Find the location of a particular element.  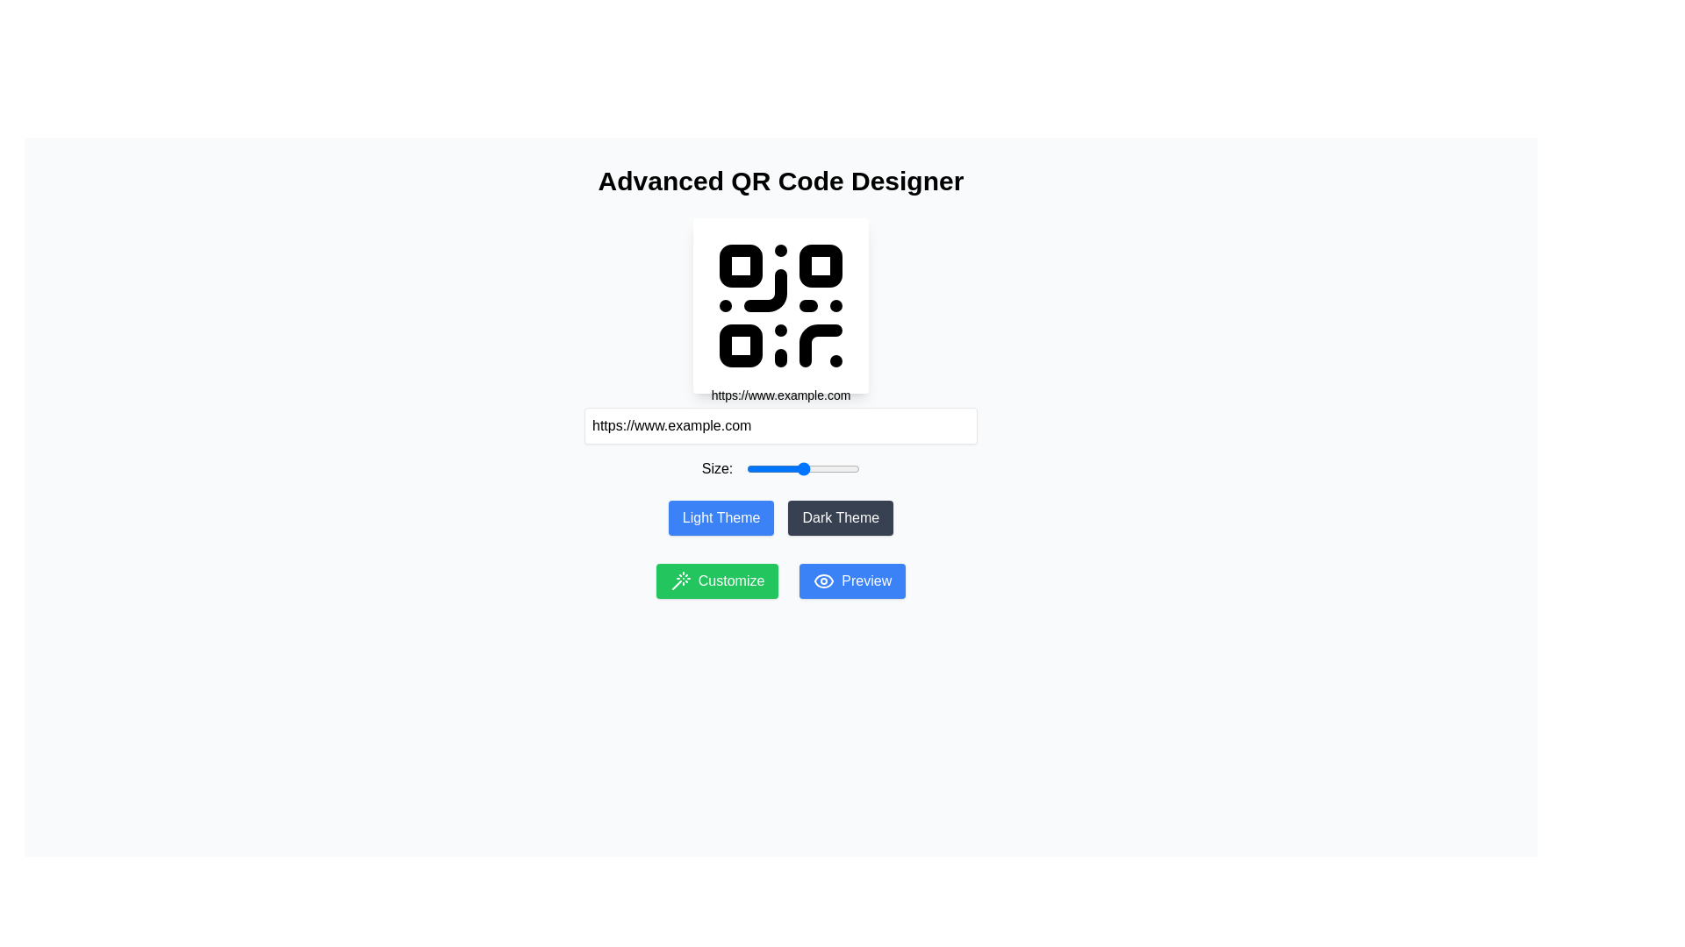

the size is located at coordinates (771, 468).